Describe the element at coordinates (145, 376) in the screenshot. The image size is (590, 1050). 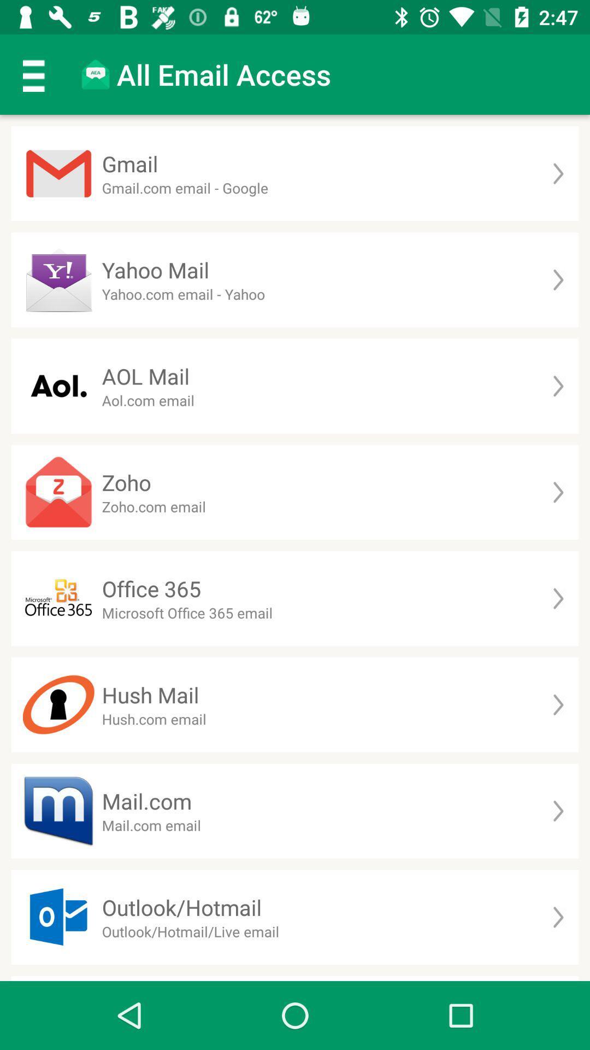
I see `the icon below the yahoo com email icon` at that location.